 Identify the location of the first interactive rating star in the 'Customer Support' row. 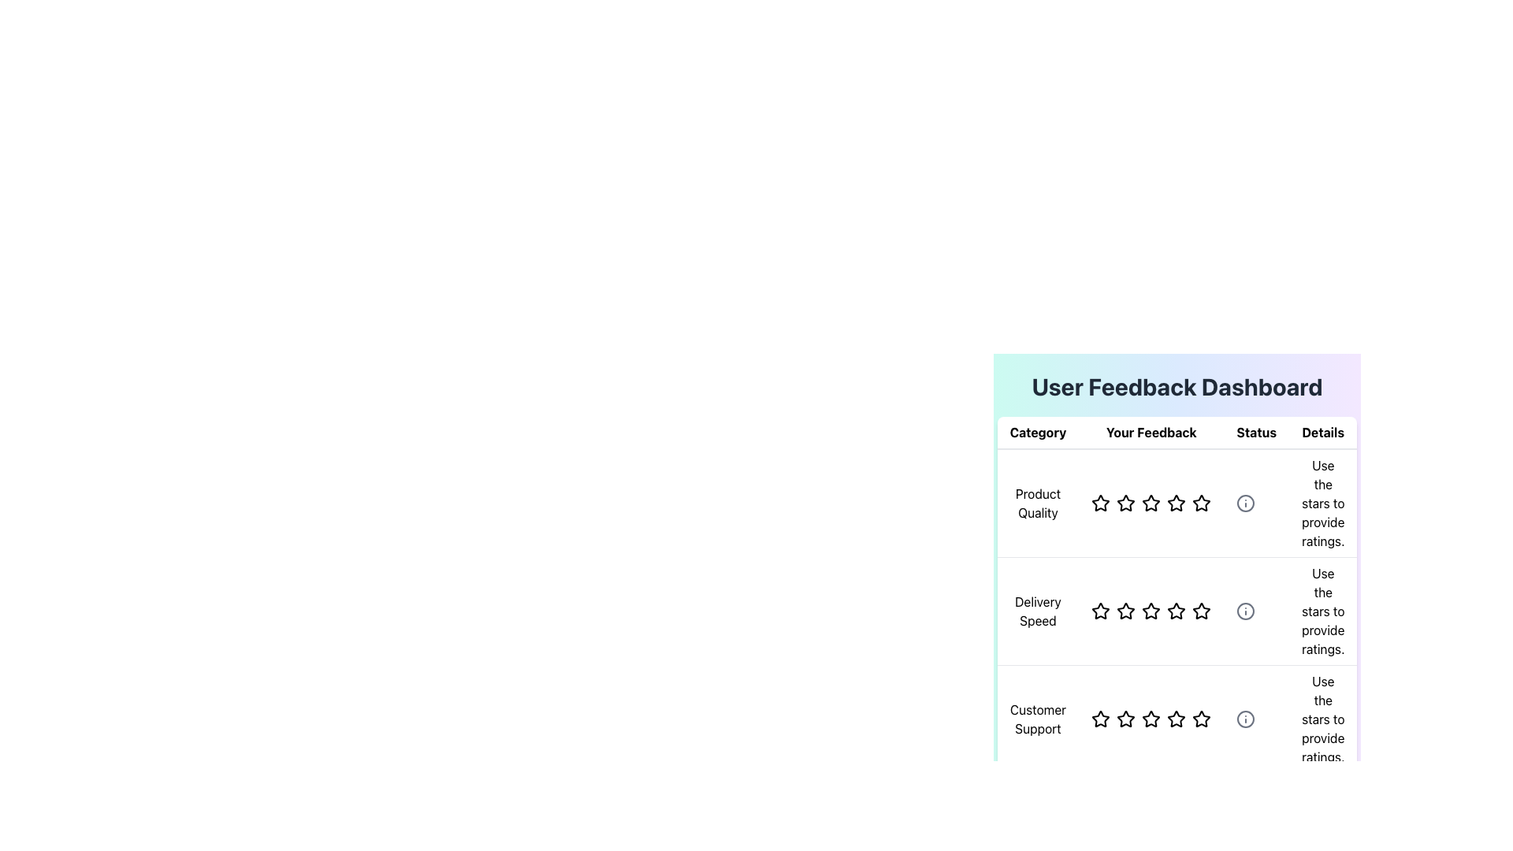
(1125, 719).